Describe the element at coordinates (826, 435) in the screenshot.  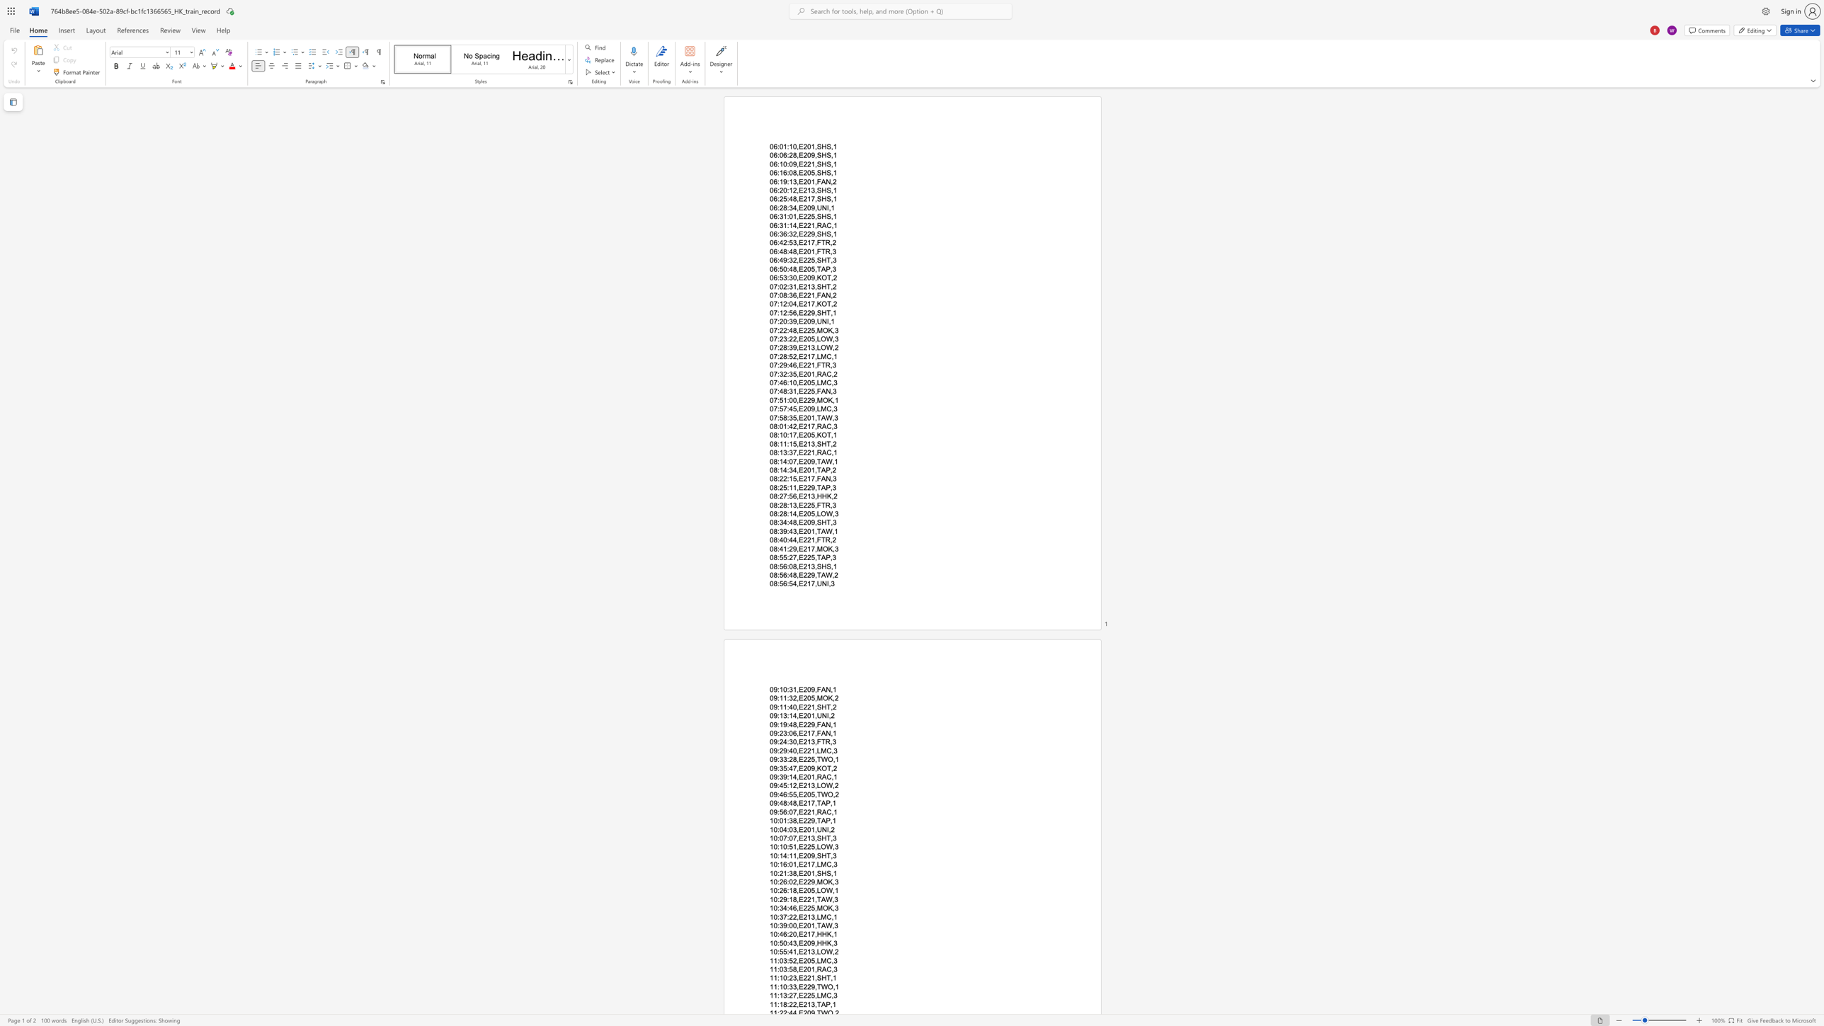
I see `the space between the continuous character "O" and "T" in the text` at that location.